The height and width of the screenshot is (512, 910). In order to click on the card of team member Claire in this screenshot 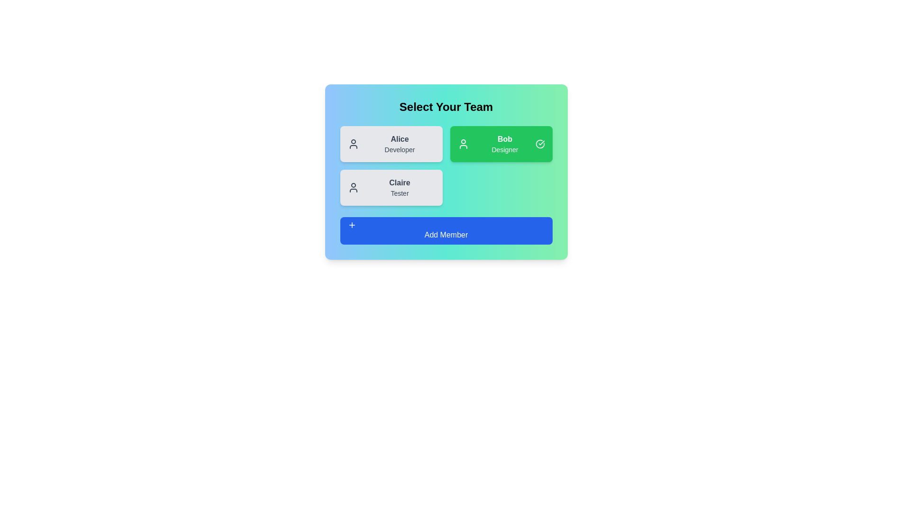, I will do `click(391, 188)`.